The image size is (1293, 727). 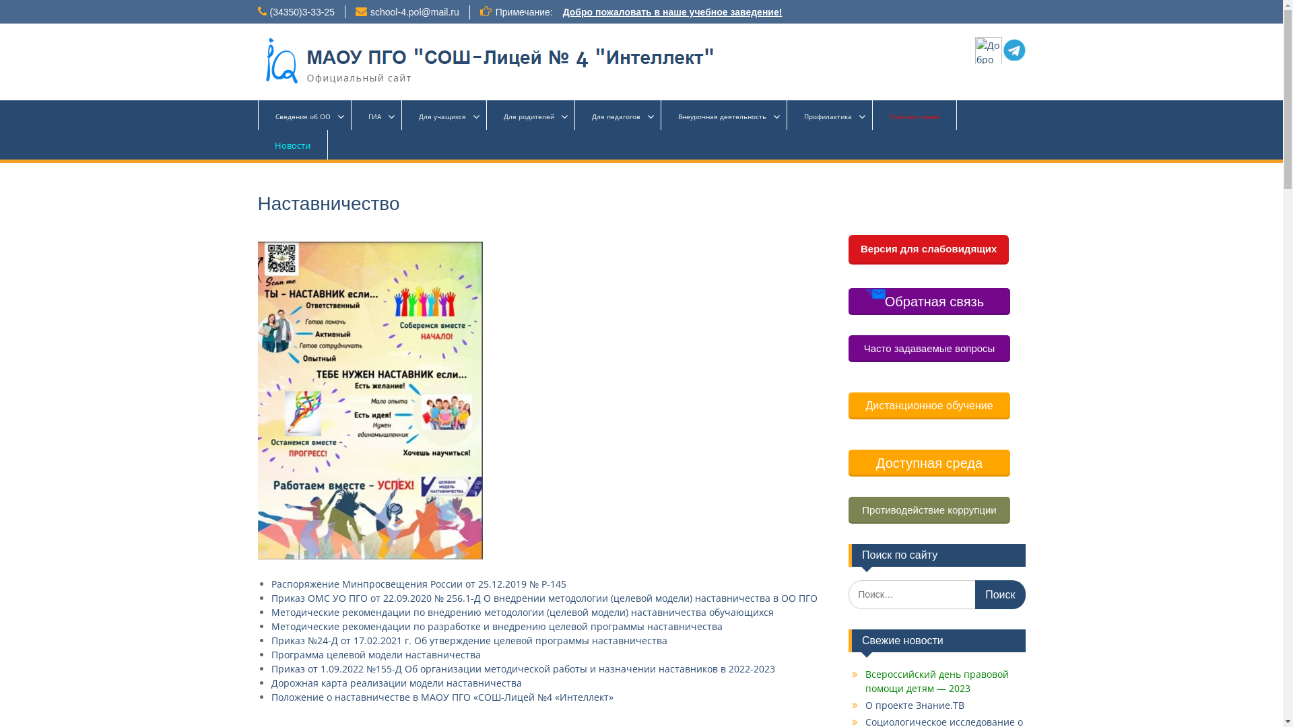 I want to click on 'school-4.pol@mail.ru', so click(x=413, y=12).